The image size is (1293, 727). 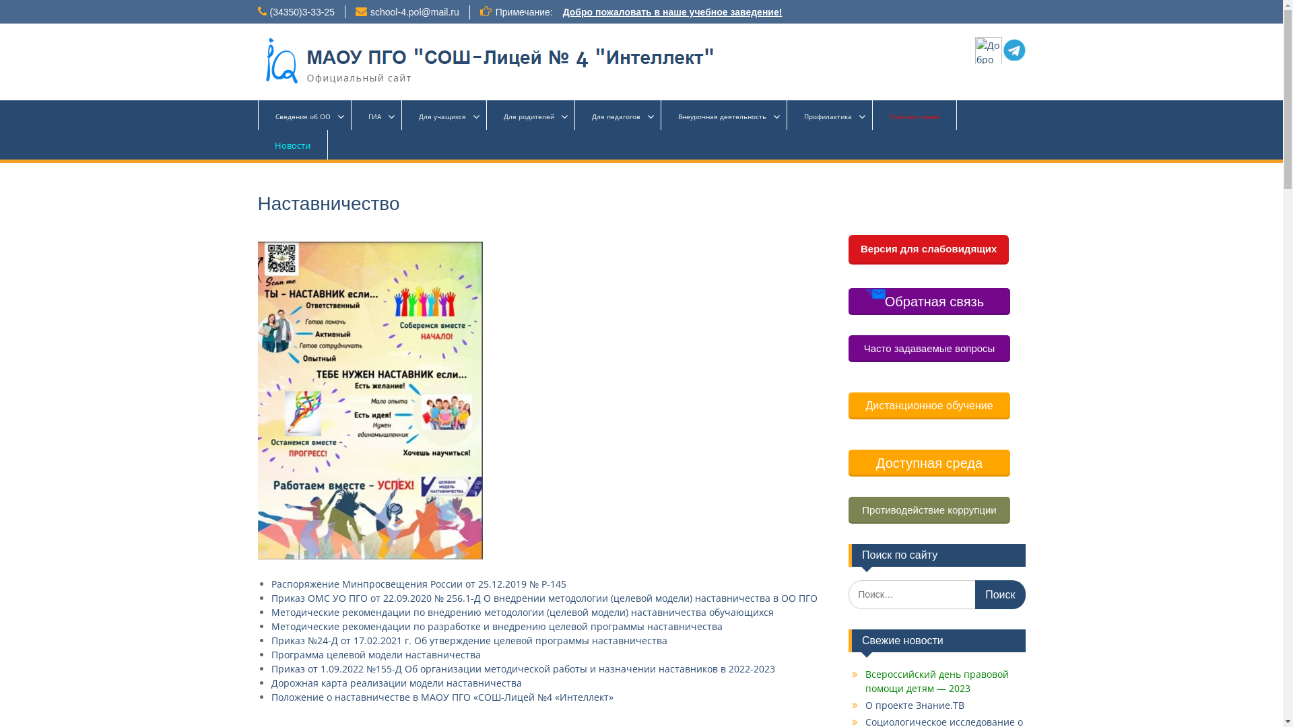 I want to click on 'school-4.pol@mail.ru', so click(x=413, y=12).